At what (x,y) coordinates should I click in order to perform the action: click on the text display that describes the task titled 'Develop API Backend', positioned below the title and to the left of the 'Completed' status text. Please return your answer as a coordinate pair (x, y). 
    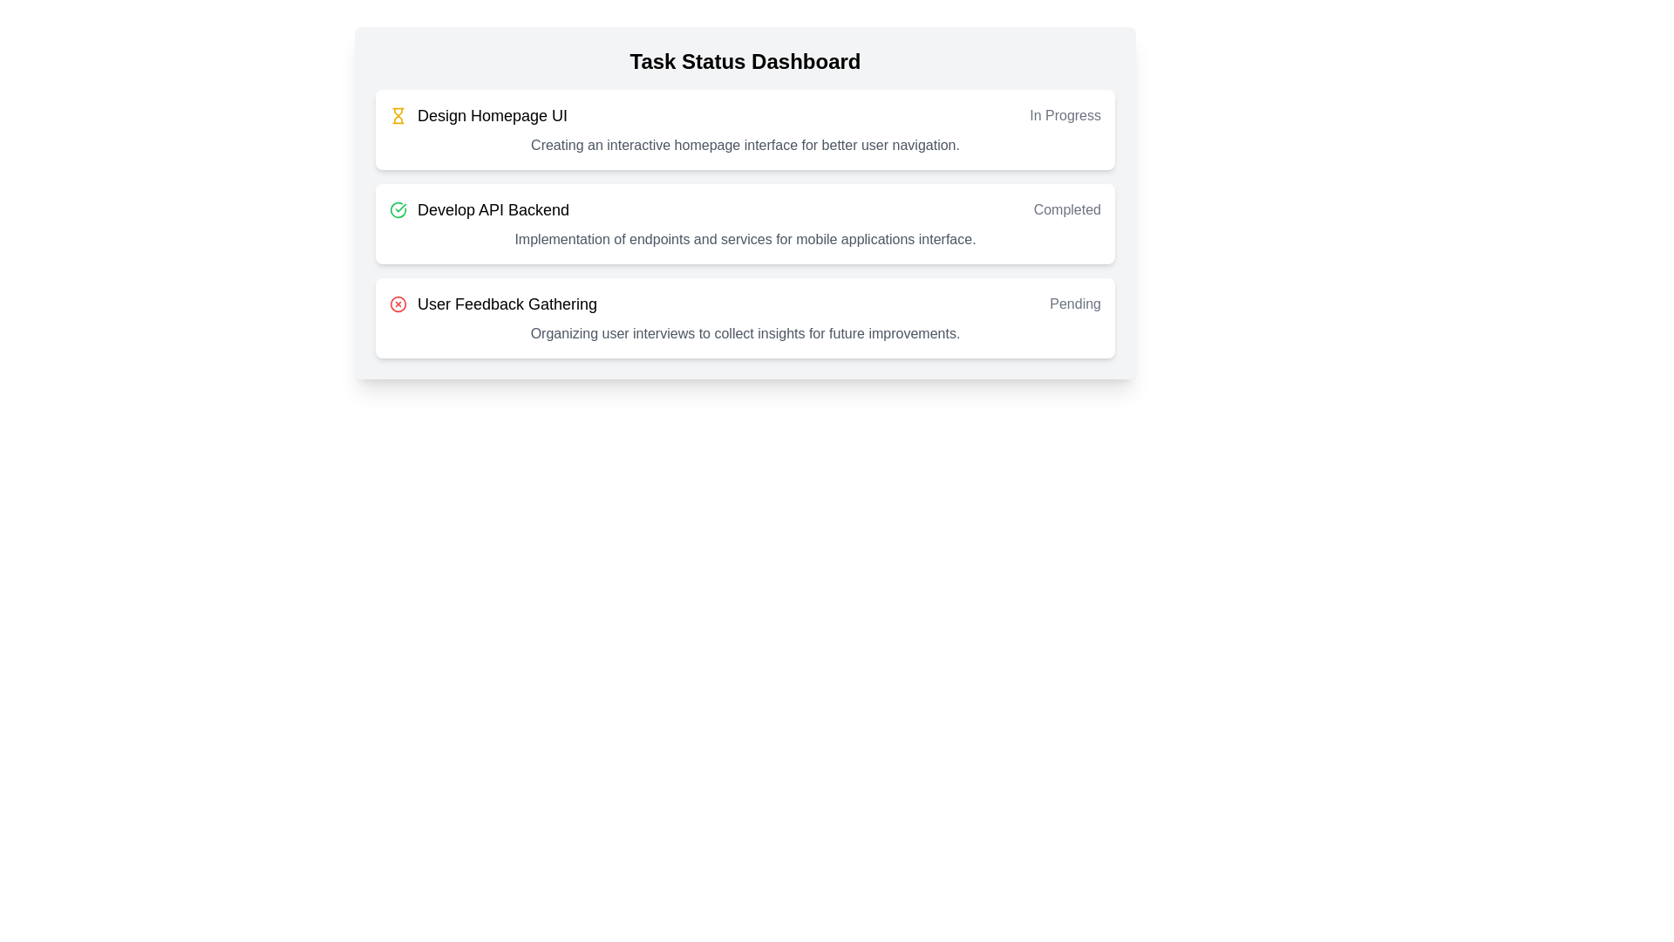
    Looking at the image, I should click on (745, 239).